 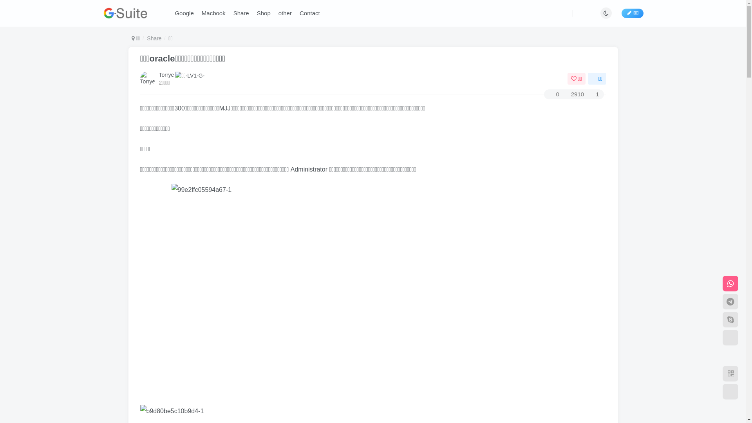 I want to click on '99e2ffc05594a67-1', so click(x=373, y=290).